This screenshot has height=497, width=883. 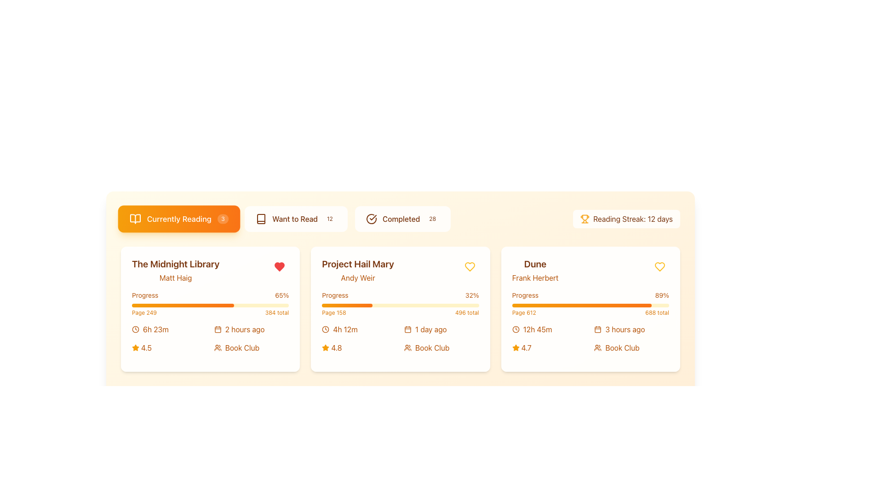 I want to click on the heart-shaped red button located in the top-right corner of 'The Midnight Library' card, so click(x=279, y=266).